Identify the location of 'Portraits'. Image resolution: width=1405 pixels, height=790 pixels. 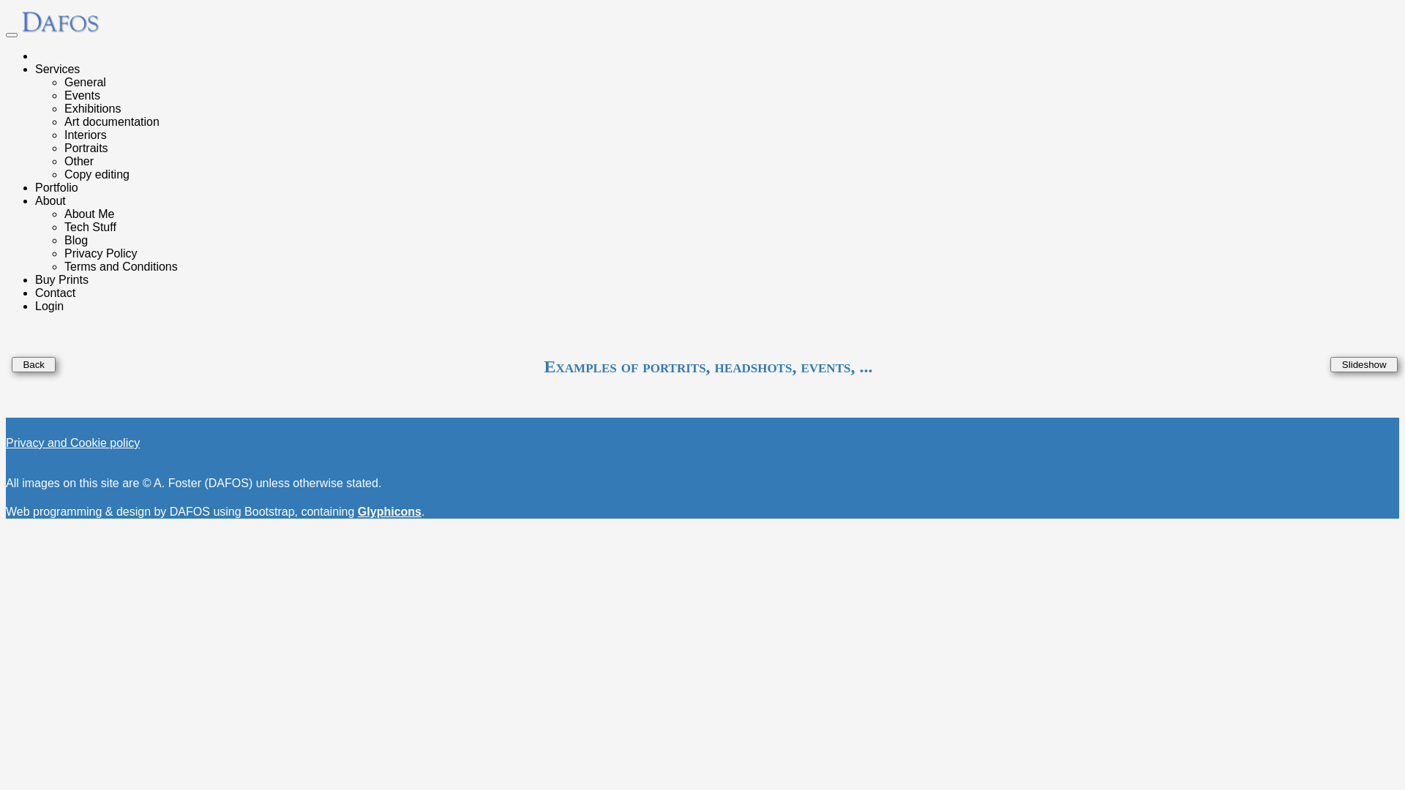
(86, 148).